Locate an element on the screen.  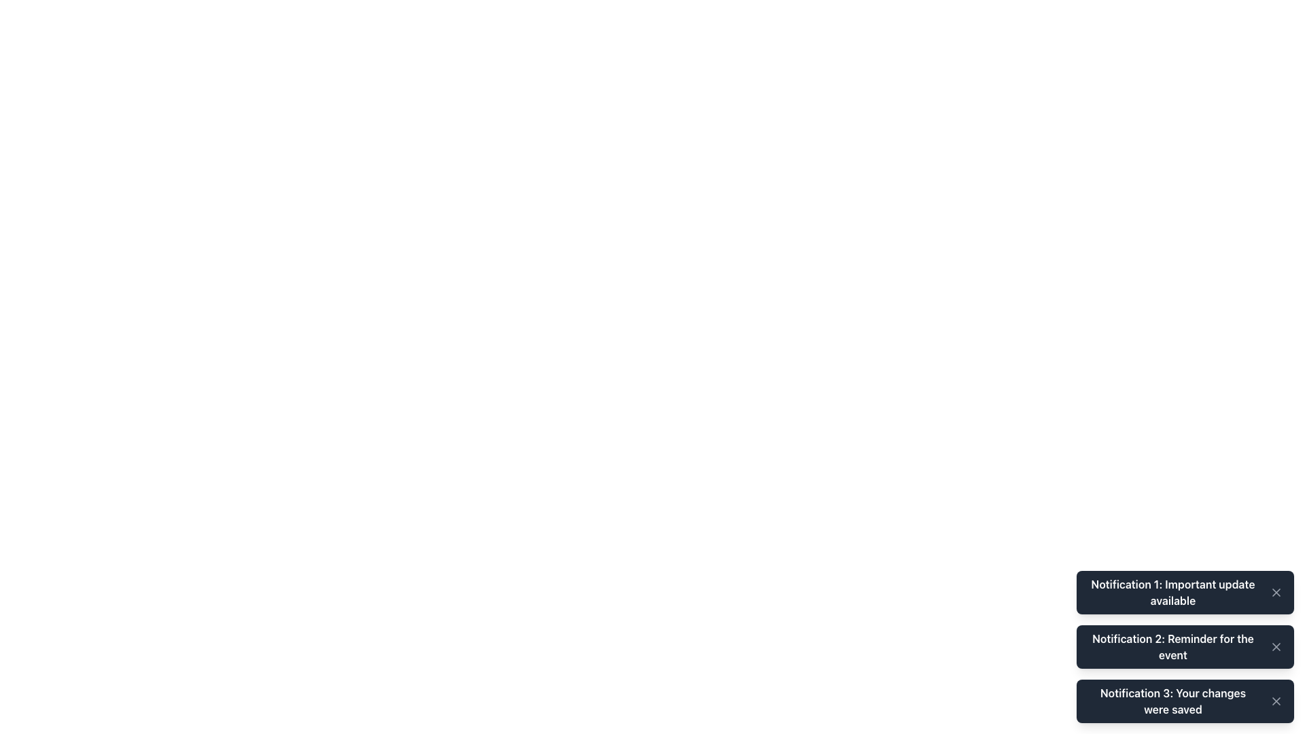
the notification card in the lower-right corner that informs the user about successfully saved changes is located at coordinates (1184, 701).